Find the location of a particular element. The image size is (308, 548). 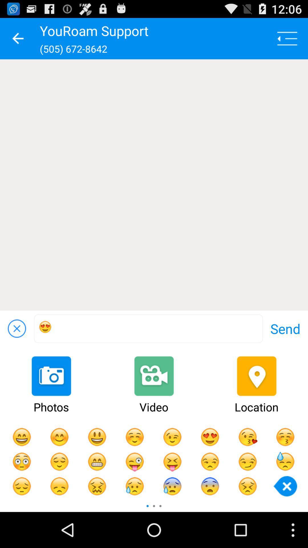

map of roaming is located at coordinates (154, 185).